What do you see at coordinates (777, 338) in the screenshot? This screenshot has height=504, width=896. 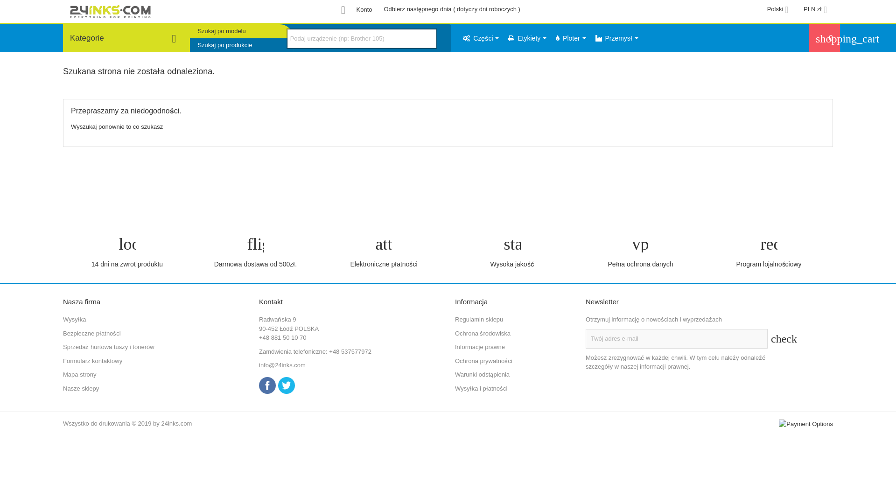 I see `'check'` at bounding box center [777, 338].